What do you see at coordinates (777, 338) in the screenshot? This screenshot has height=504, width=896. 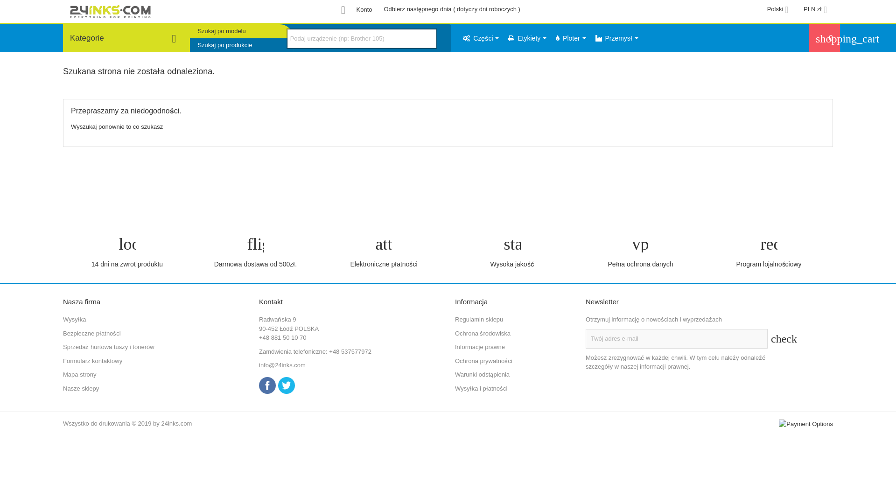 I see `'check'` at bounding box center [777, 338].